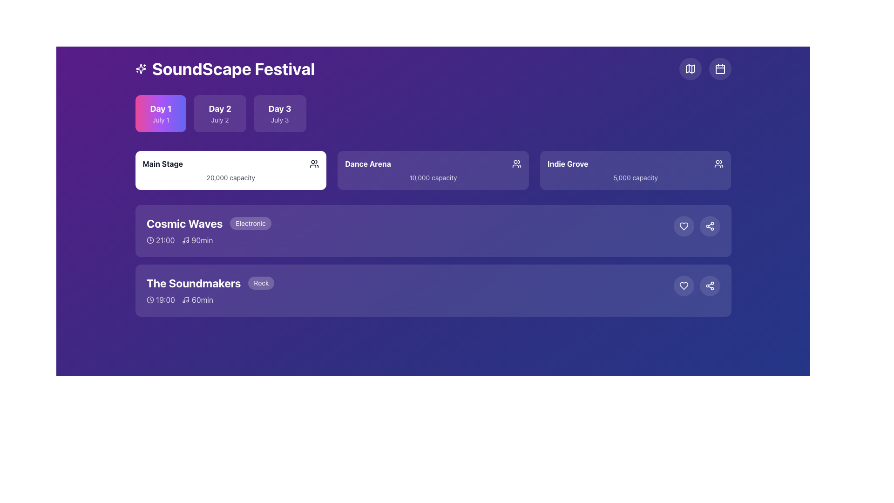  I want to click on the Text label indicating the name of the 'Main Stage', which is located in the upper section of the interface inside a white panel, so click(163, 163).